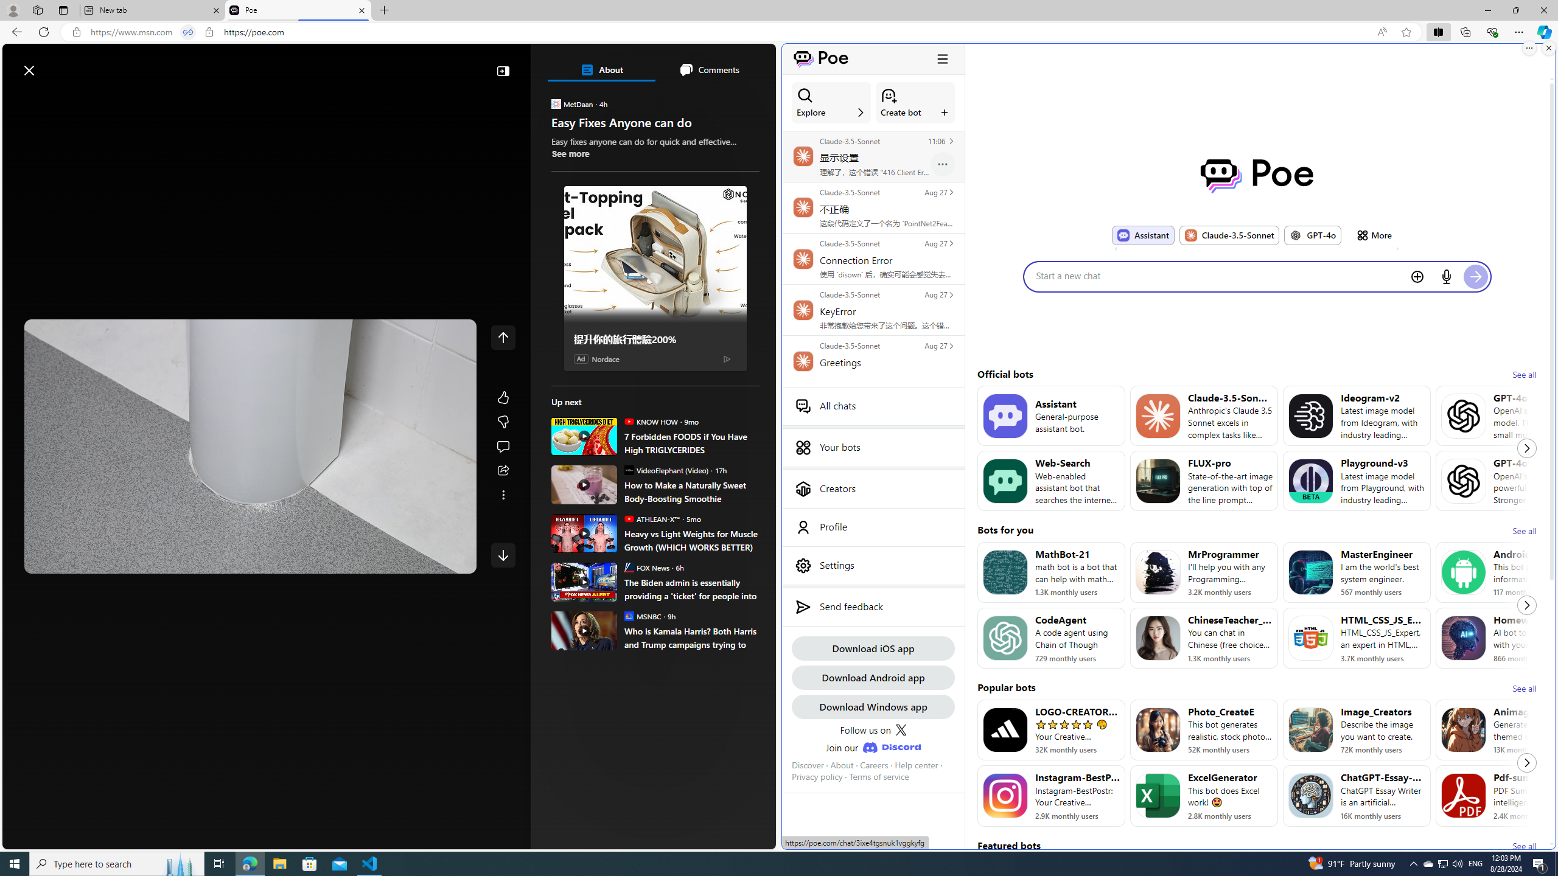 Image resolution: width=1558 pixels, height=876 pixels. What do you see at coordinates (1310, 729) in the screenshot?
I see `'Bot image for Image_Creators'` at bounding box center [1310, 729].